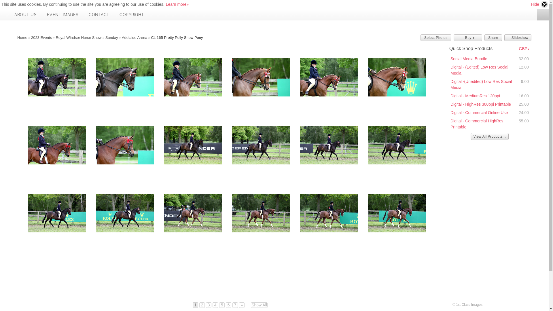  I want to click on '1', so click(195, 305).